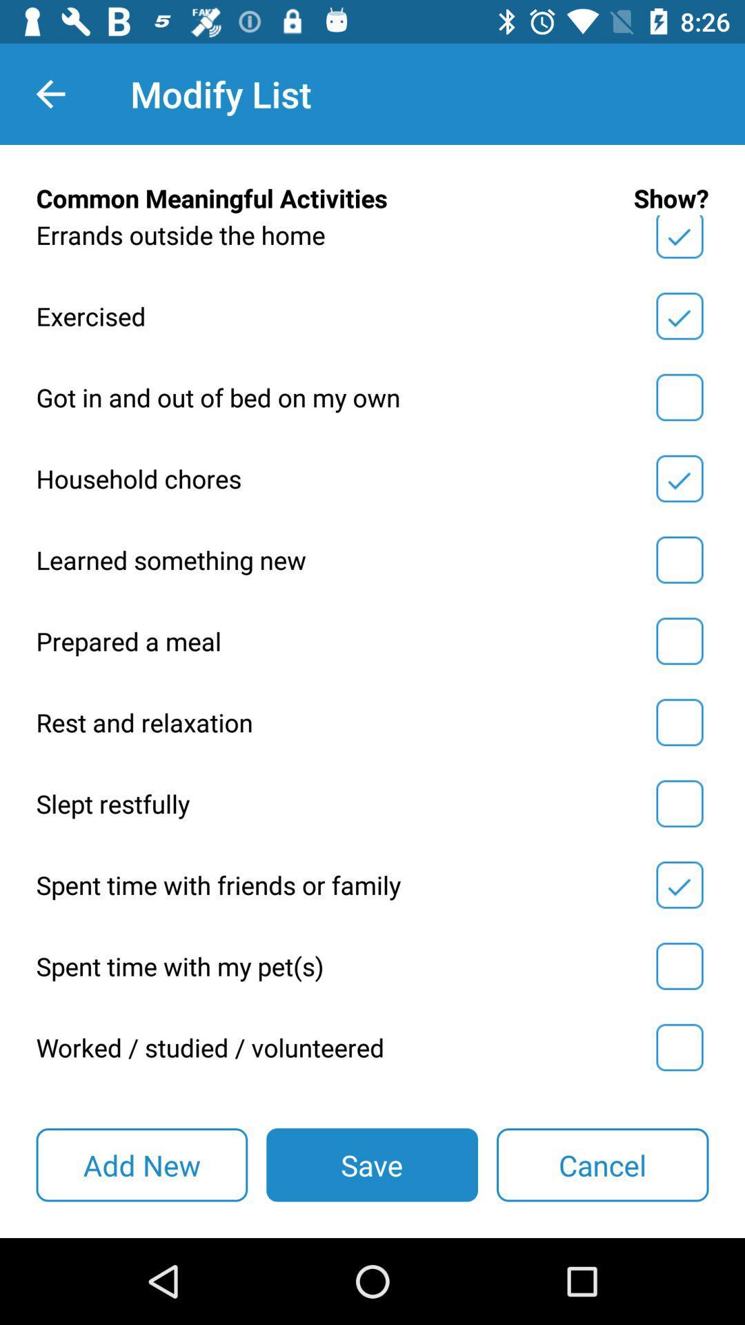  What do you see at coordinates (371, 1164) in the screenshot?
I see `the item next to cancel item` at bounding box center [371, 1164].